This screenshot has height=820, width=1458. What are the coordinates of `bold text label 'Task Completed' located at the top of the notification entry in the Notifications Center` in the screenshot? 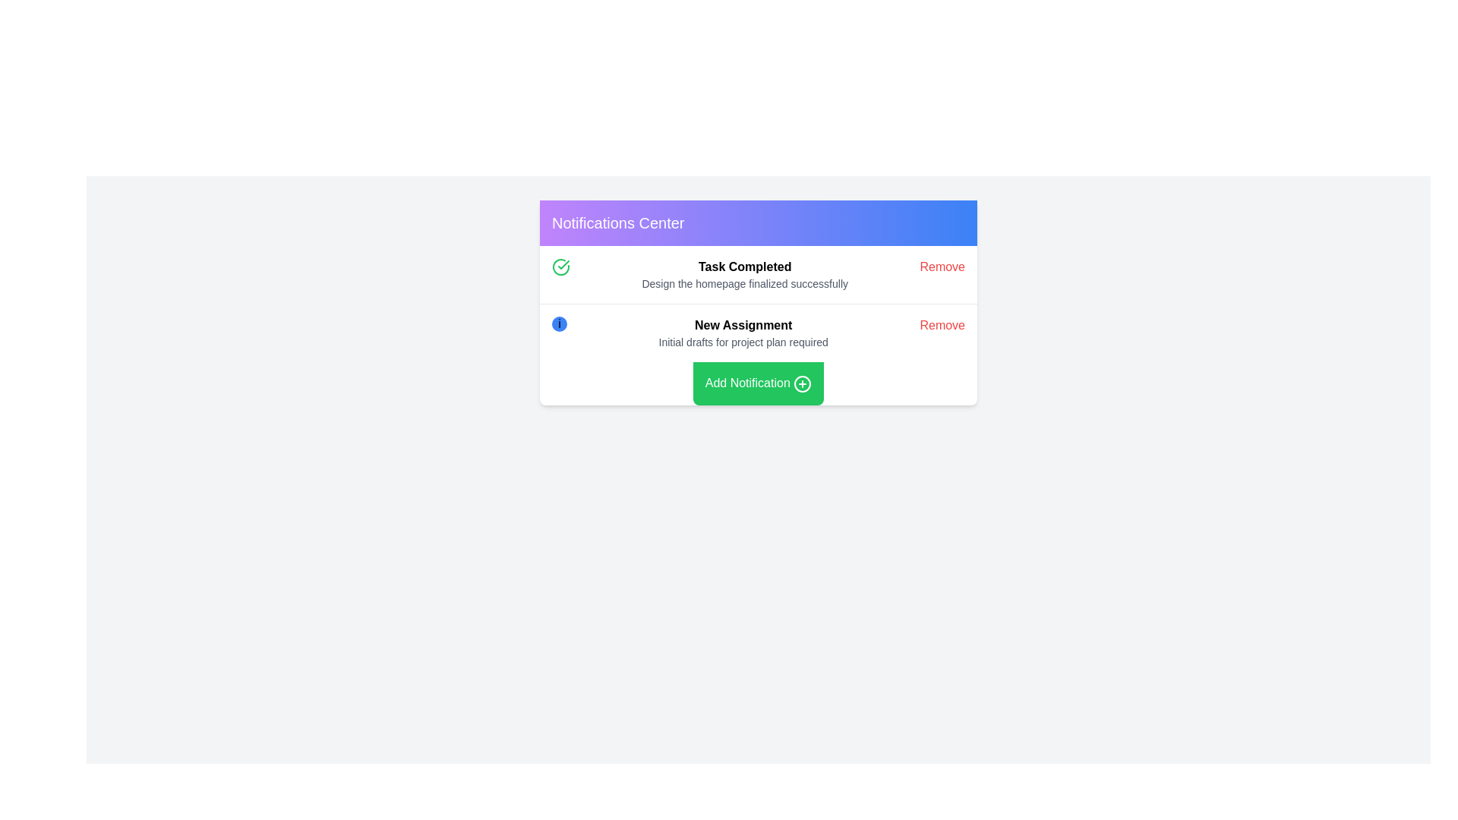 It's located at (745, 266).